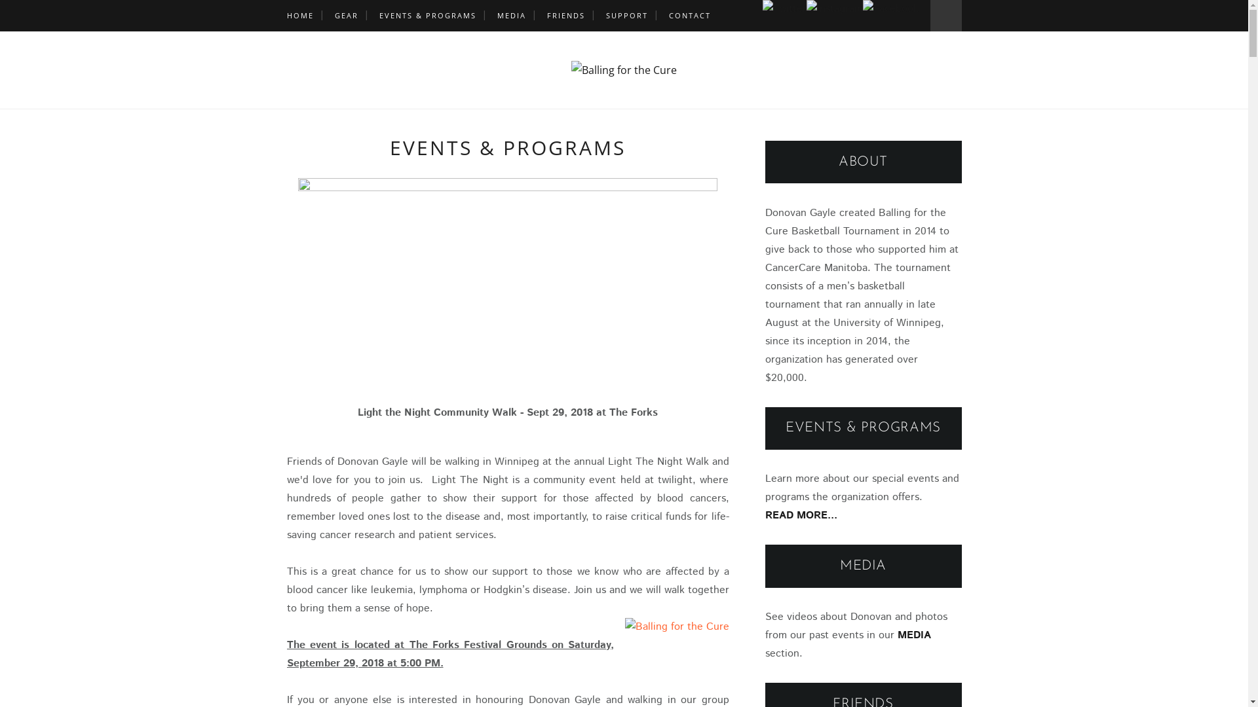  Describe the element at coordinates (299, 15) in the screenshot. I see `'HOME'` at that location.